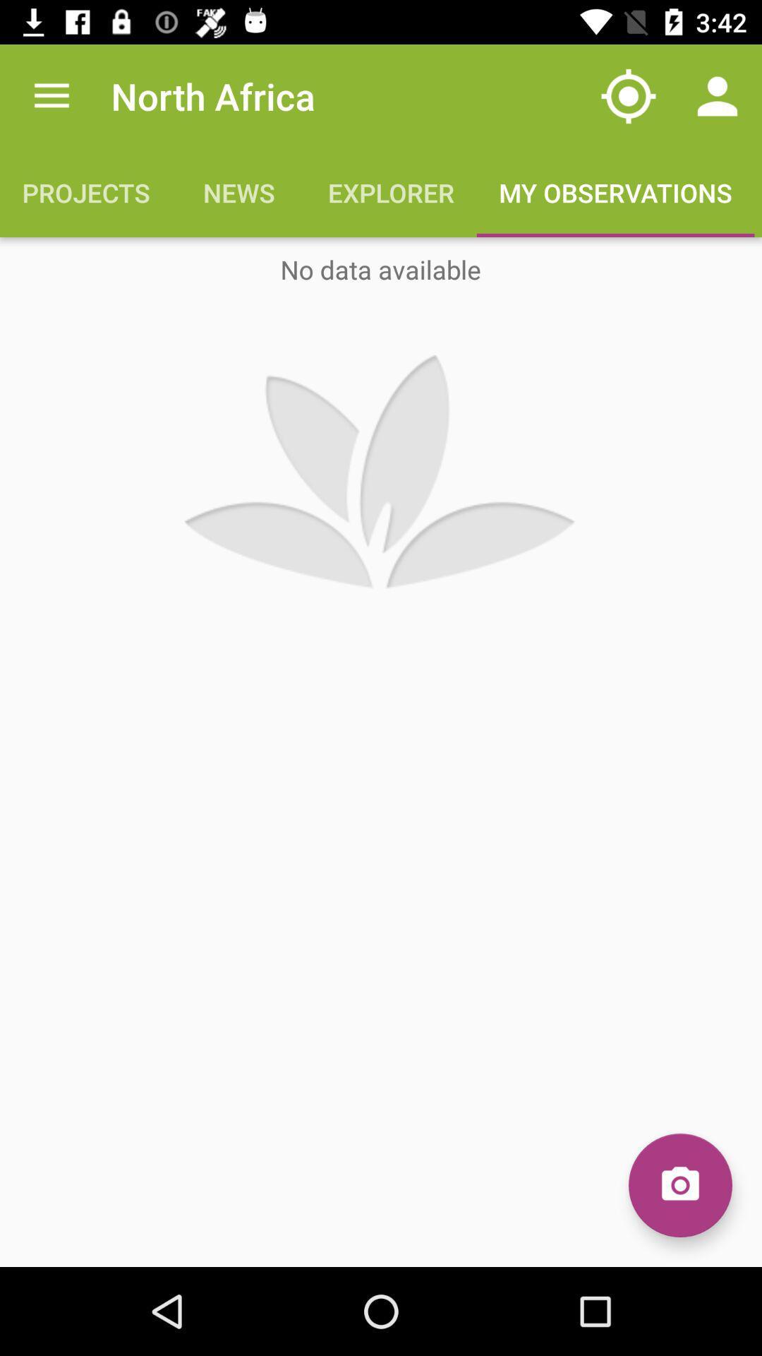  Describe the element at coordinates (679, 1185) in the screenshot. I see `the photo icon` at that location.